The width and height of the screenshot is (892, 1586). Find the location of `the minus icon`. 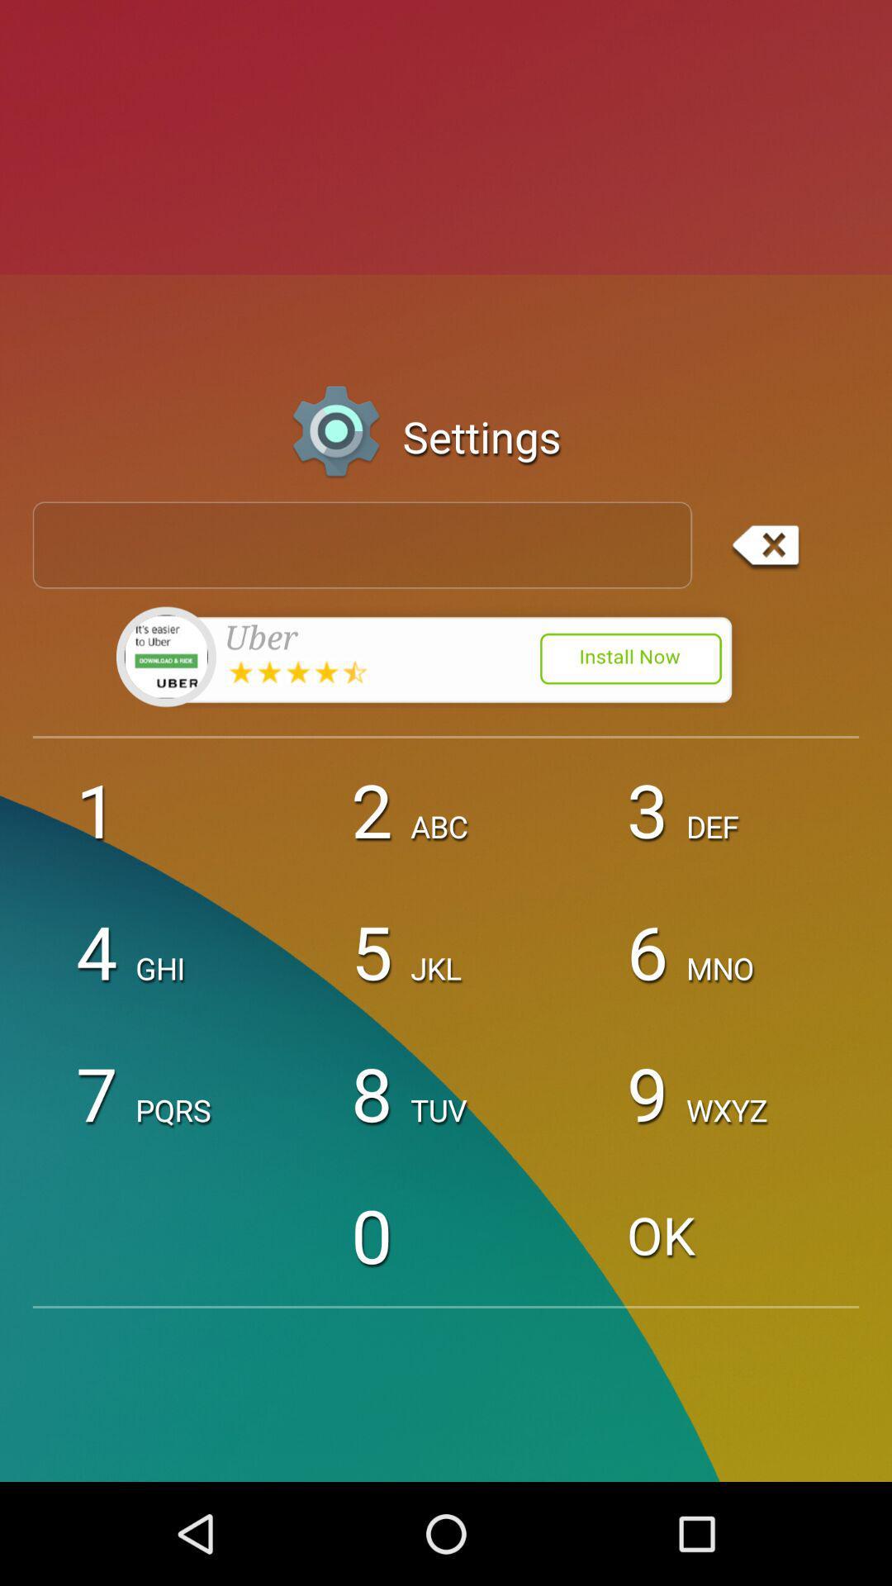

the minus icon is located at coordinates (775, 1394).